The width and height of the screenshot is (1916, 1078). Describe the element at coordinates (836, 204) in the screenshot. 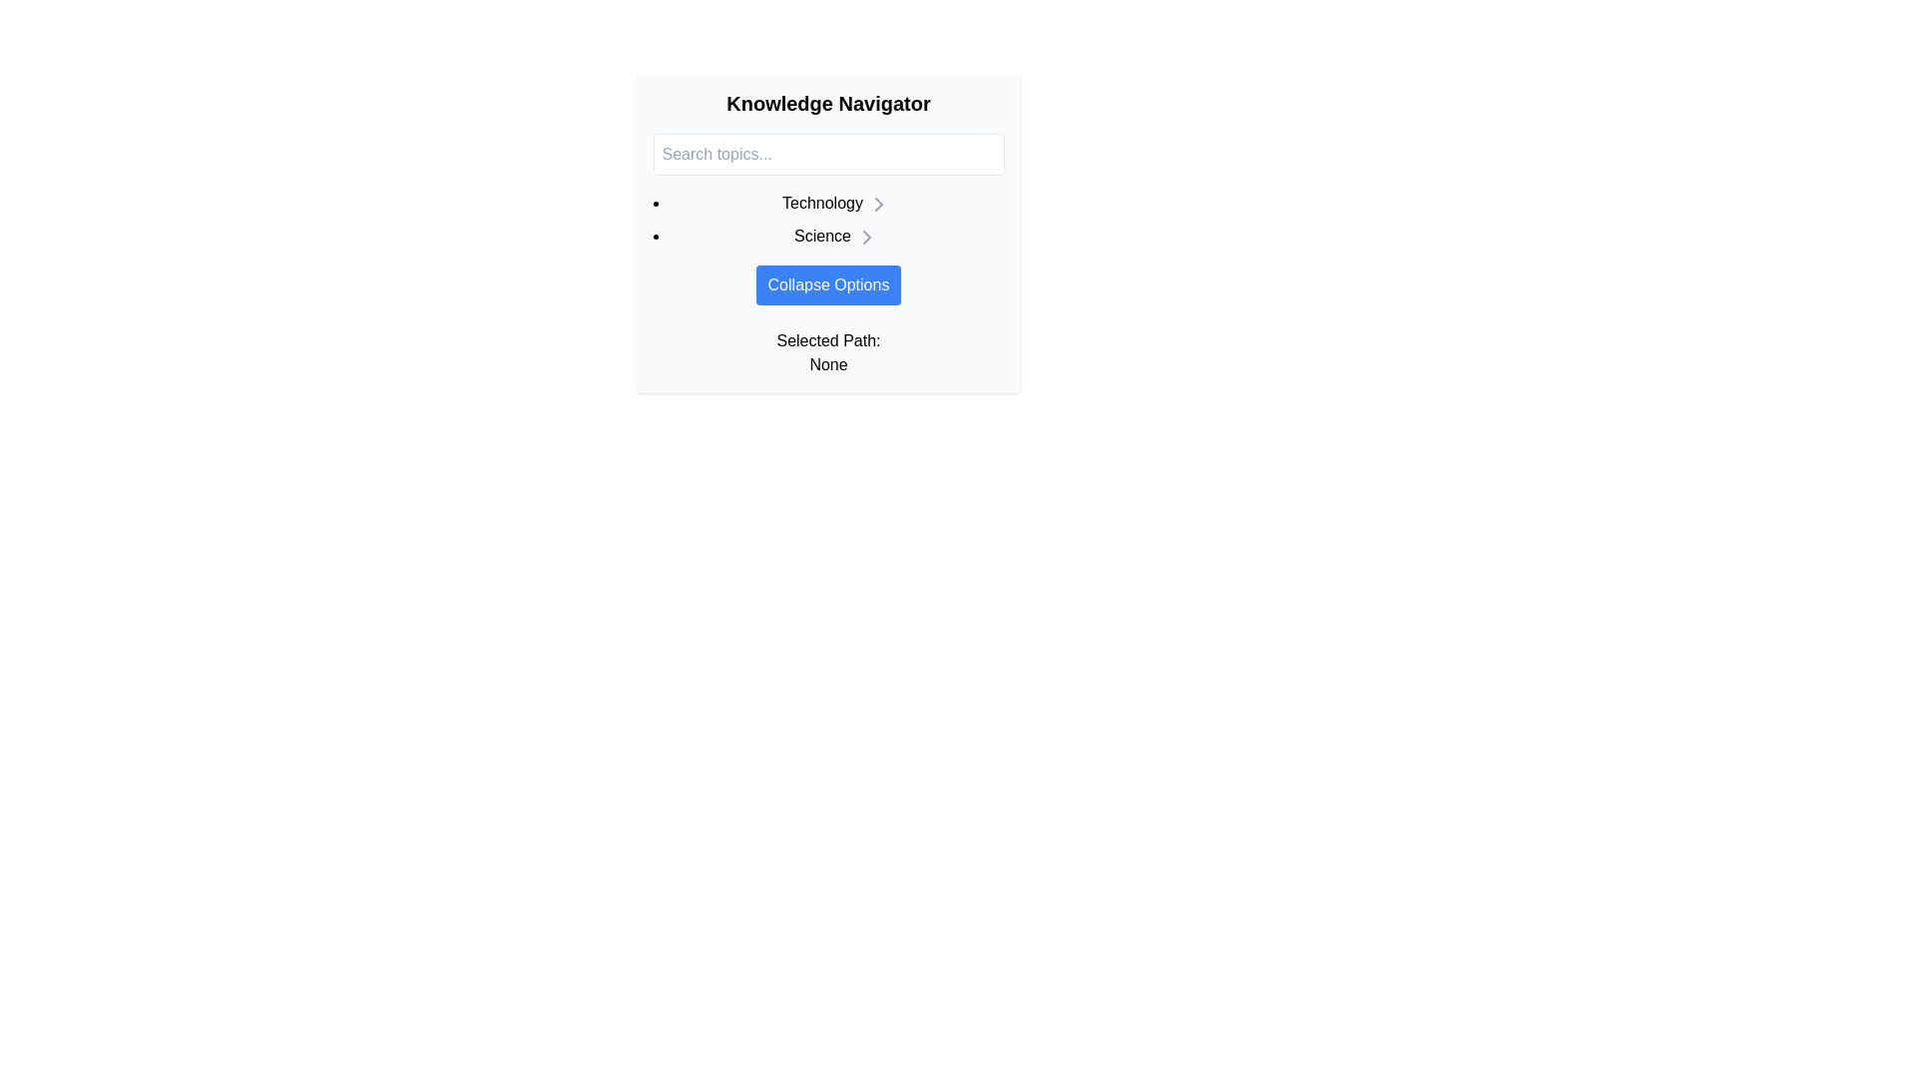

I see `the navigational link labeled 'Technology', which is the first item in a vertical list below the search bar` at that location.